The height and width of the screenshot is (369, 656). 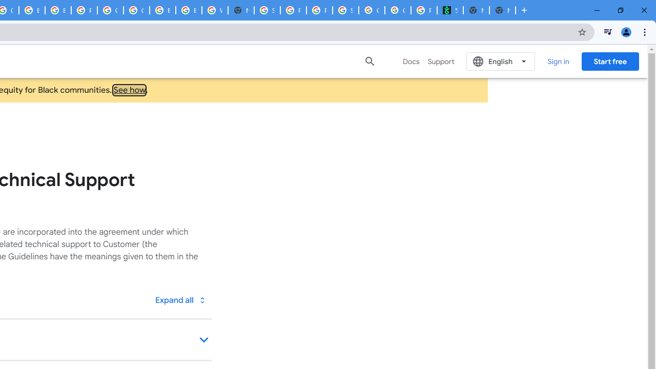 What do you see at coordinates (411, 61) in the screenshot?
I see `'Docs'` at bounding box center [411, 61].